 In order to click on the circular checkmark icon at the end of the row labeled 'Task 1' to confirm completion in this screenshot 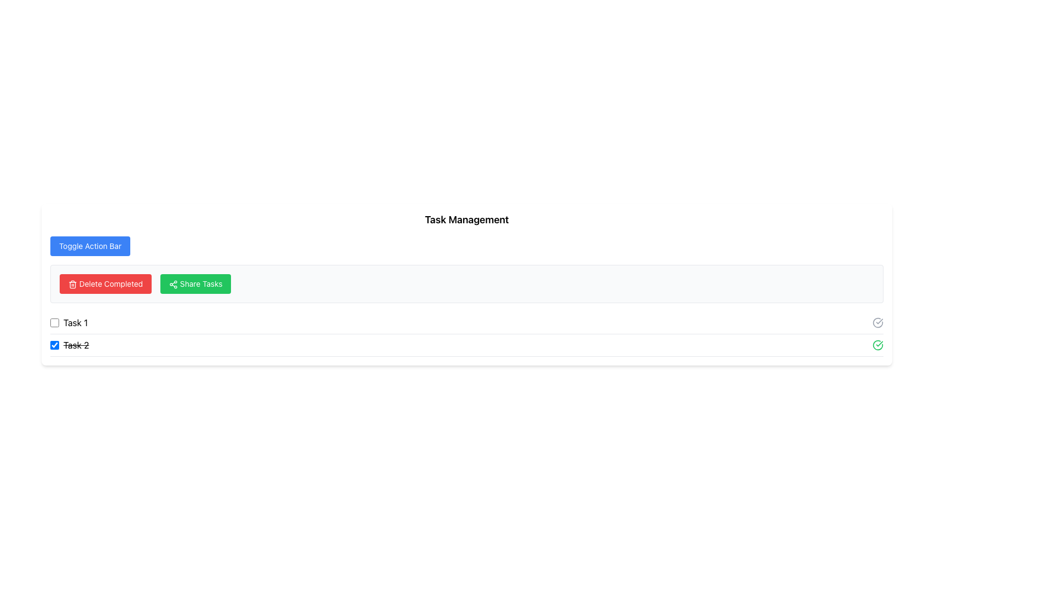, I will do `click(877, 322)`.